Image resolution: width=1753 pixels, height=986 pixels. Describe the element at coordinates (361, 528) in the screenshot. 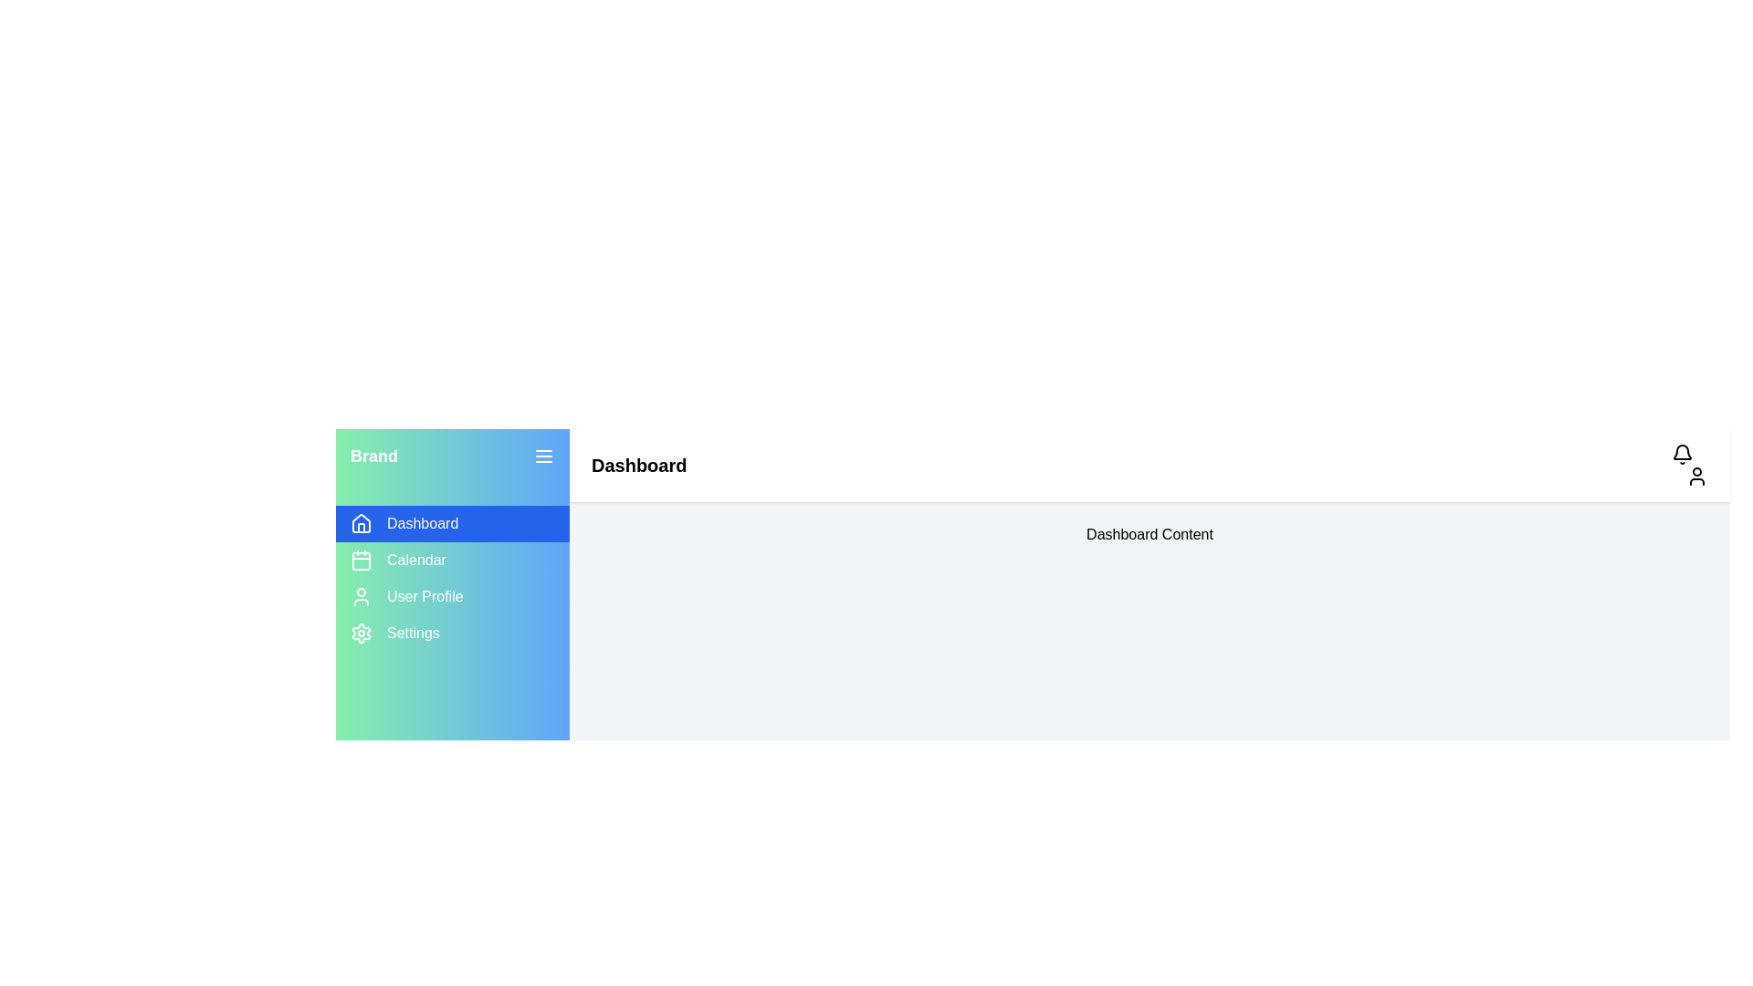

I see `the small vertical segment inside the house icon in the navigation menu on the left side of the interface` at that location.